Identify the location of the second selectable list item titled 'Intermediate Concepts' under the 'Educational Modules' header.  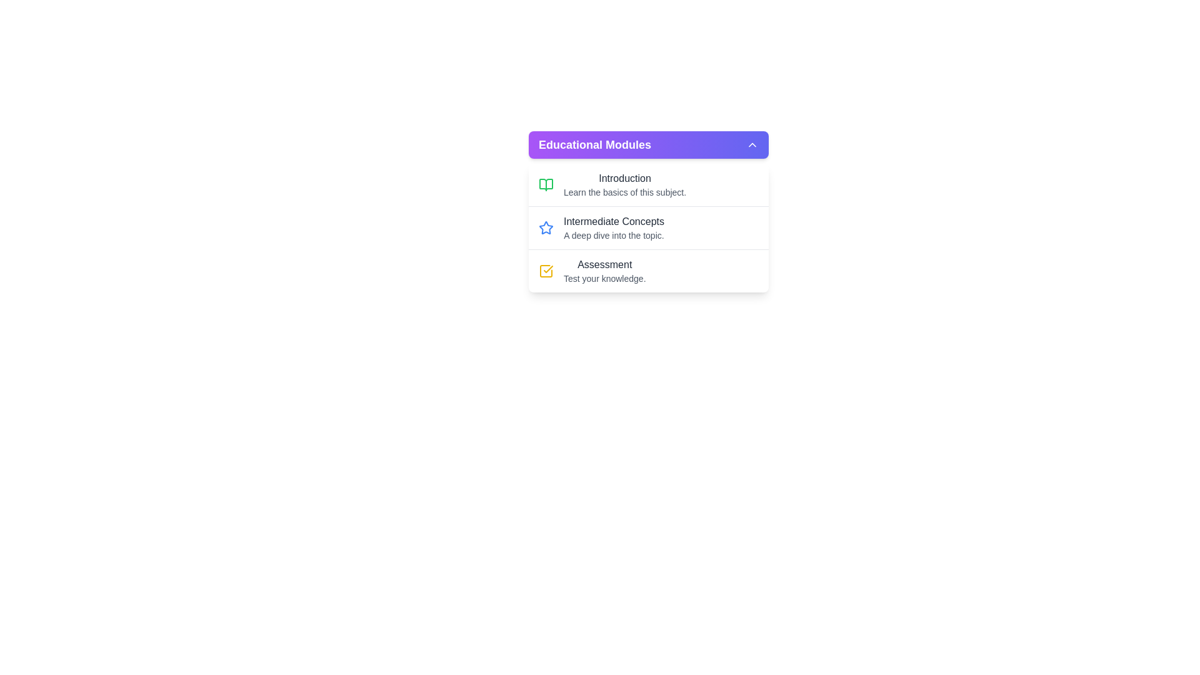
(648, 227).